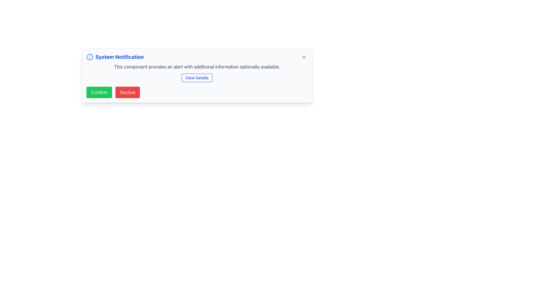  Describe the element at coordinates (115, 57) in the screenshot. I see `bold blue text 'System Notification' located at the top-left section of a notification card, adjacent to an informational icon styled as a blue circle with an 'i'` at that location.